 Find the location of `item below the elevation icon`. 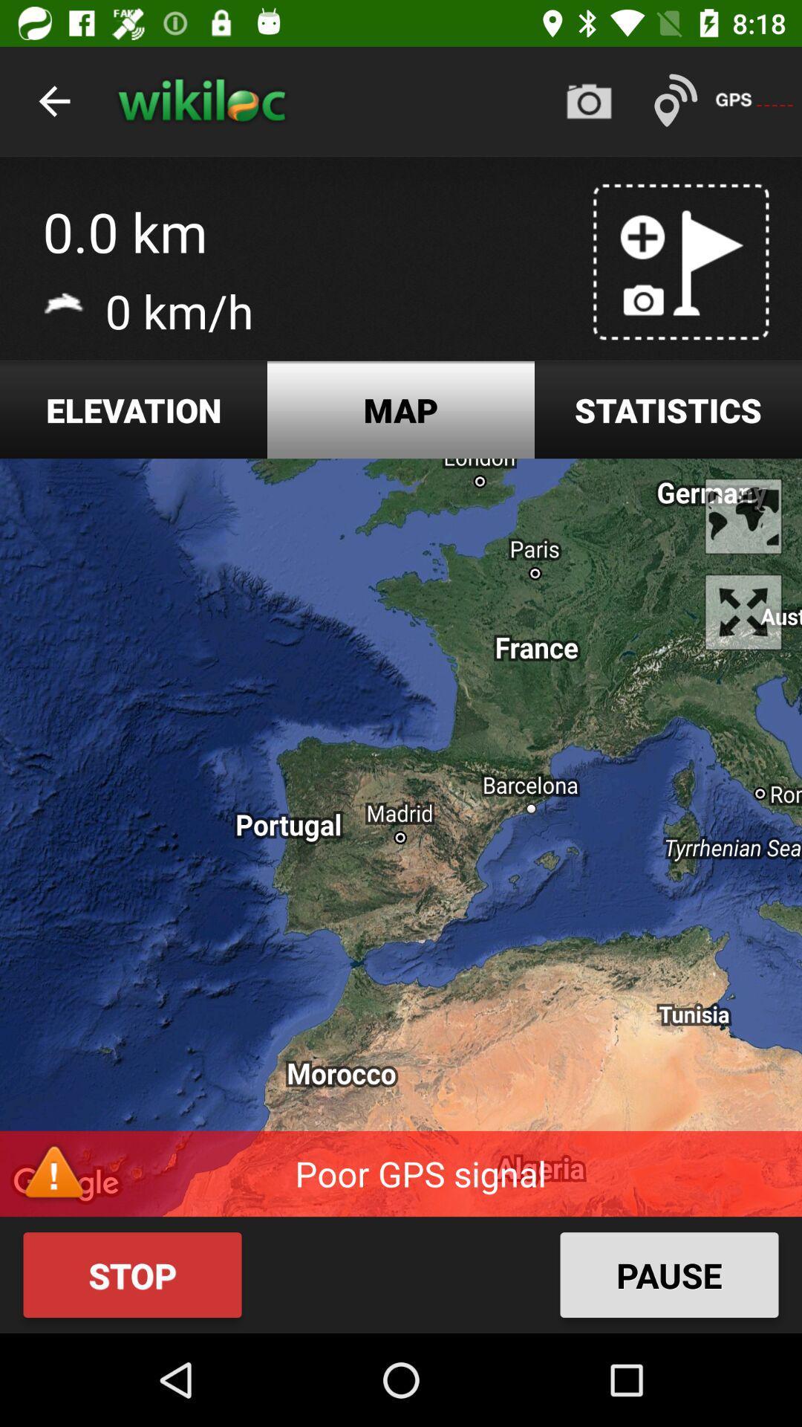

item below the elevation icon is located at coordinates (401, 838).